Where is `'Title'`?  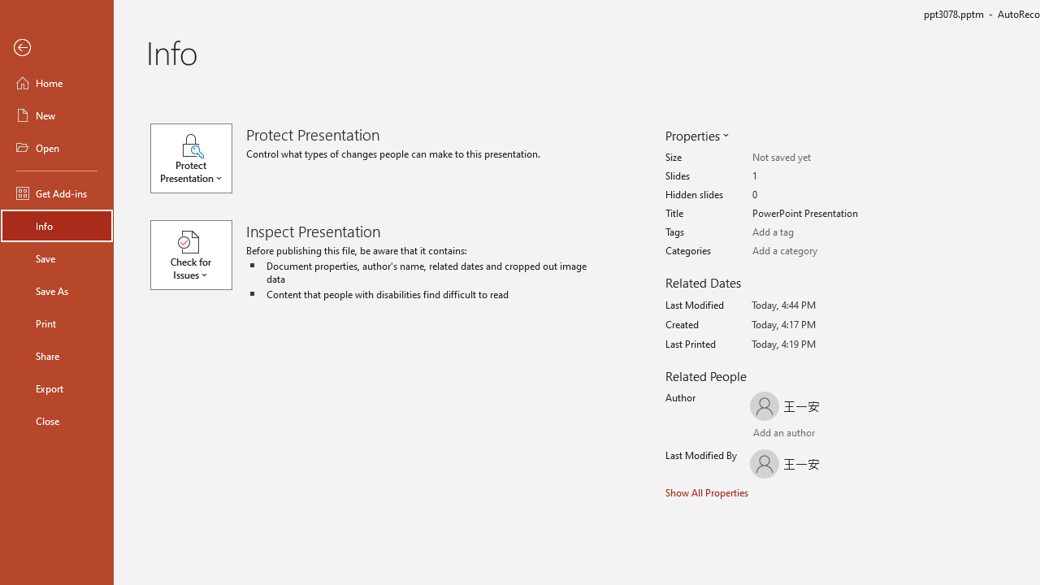 'Title' is located at coordinates (816, 213).